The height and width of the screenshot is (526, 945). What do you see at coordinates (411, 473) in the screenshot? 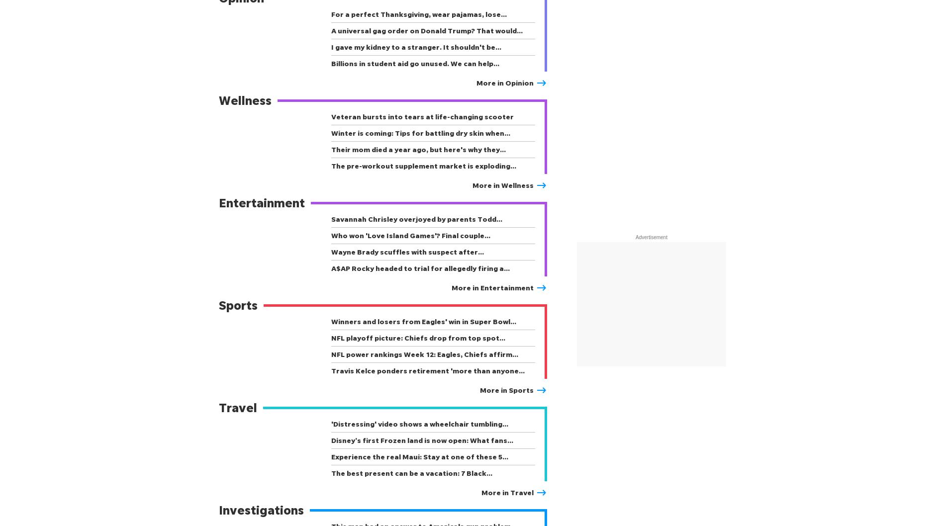
I see `'The best present can be a vacation: 7 Black…'` at bounding box center [411, 473].